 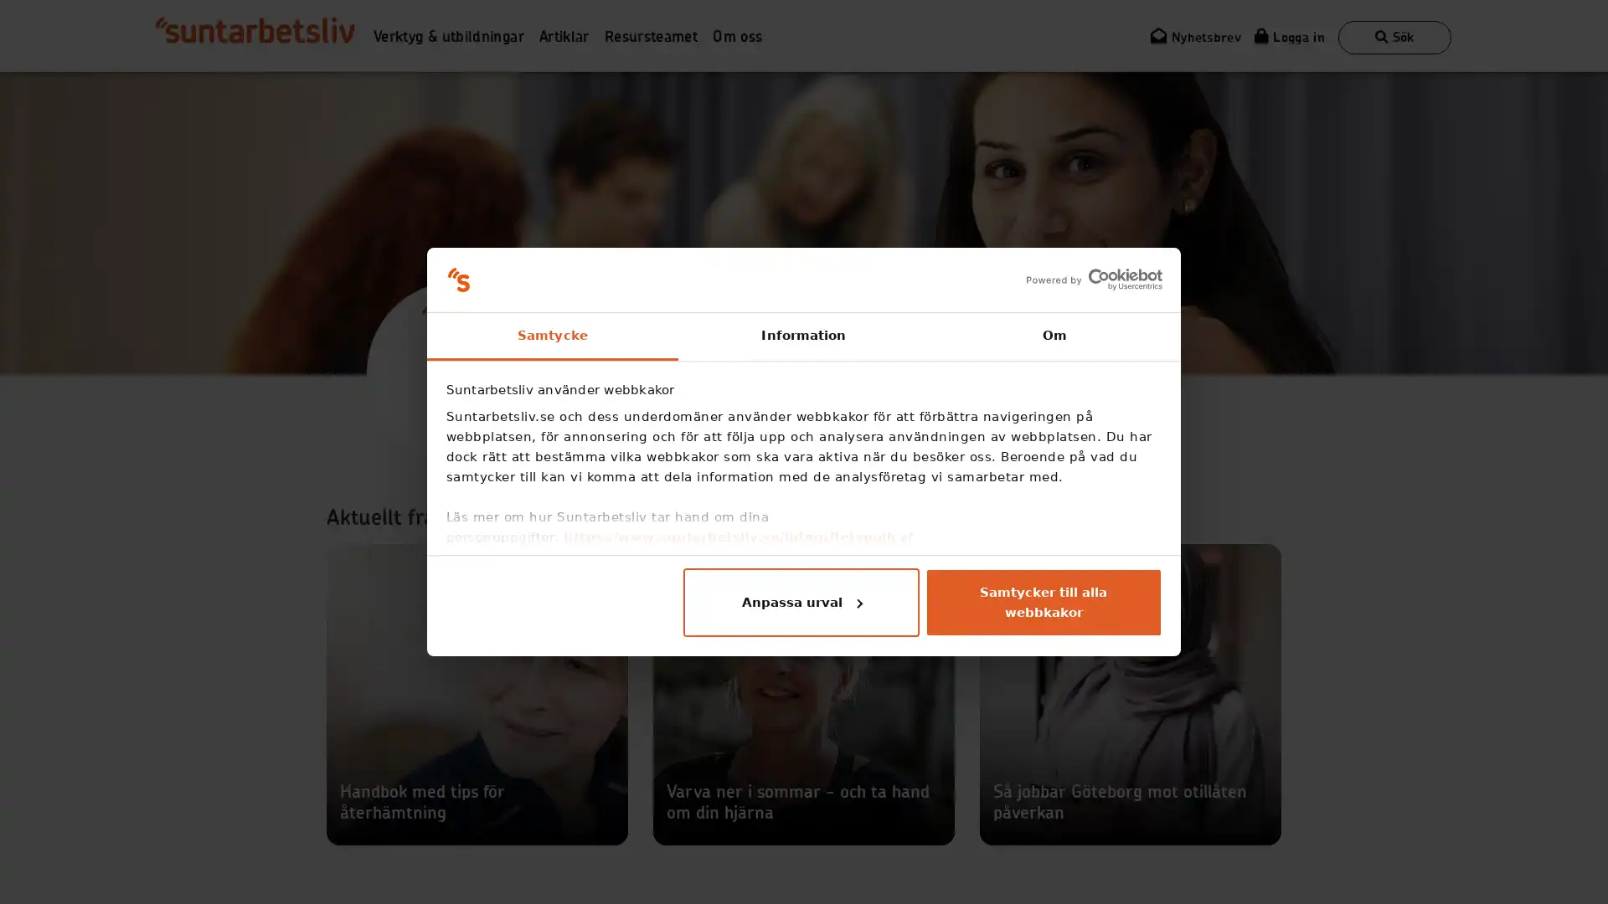 I want to click on Visa sokruta Sok, so click(x=1394, y=37).